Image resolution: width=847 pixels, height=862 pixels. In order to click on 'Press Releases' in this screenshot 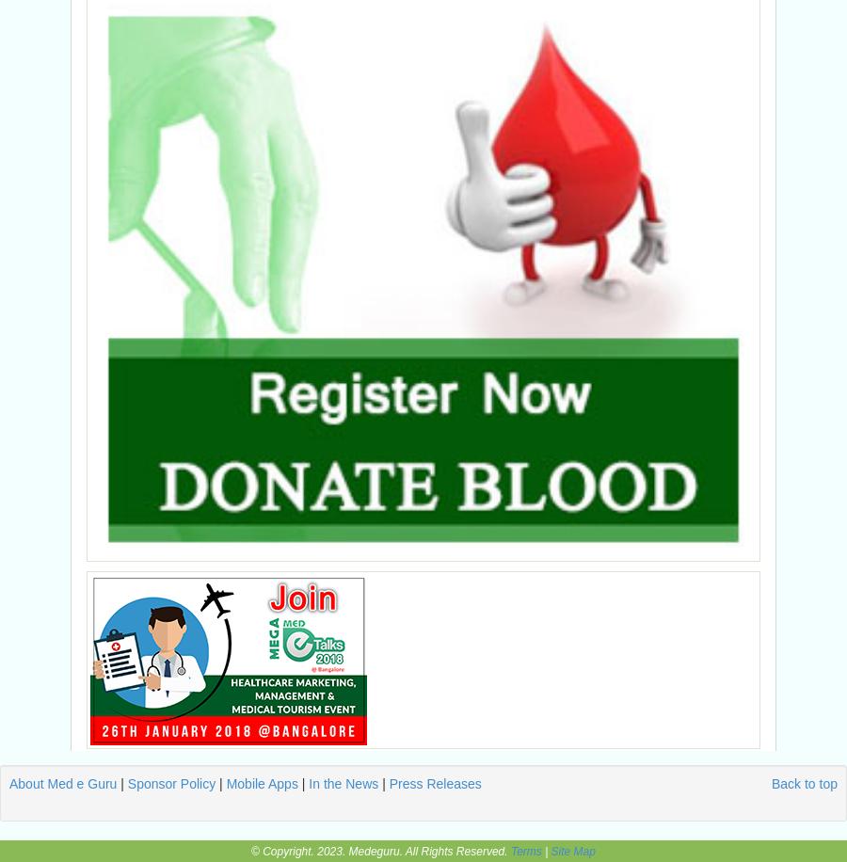, I will do `click(433, 783)`.